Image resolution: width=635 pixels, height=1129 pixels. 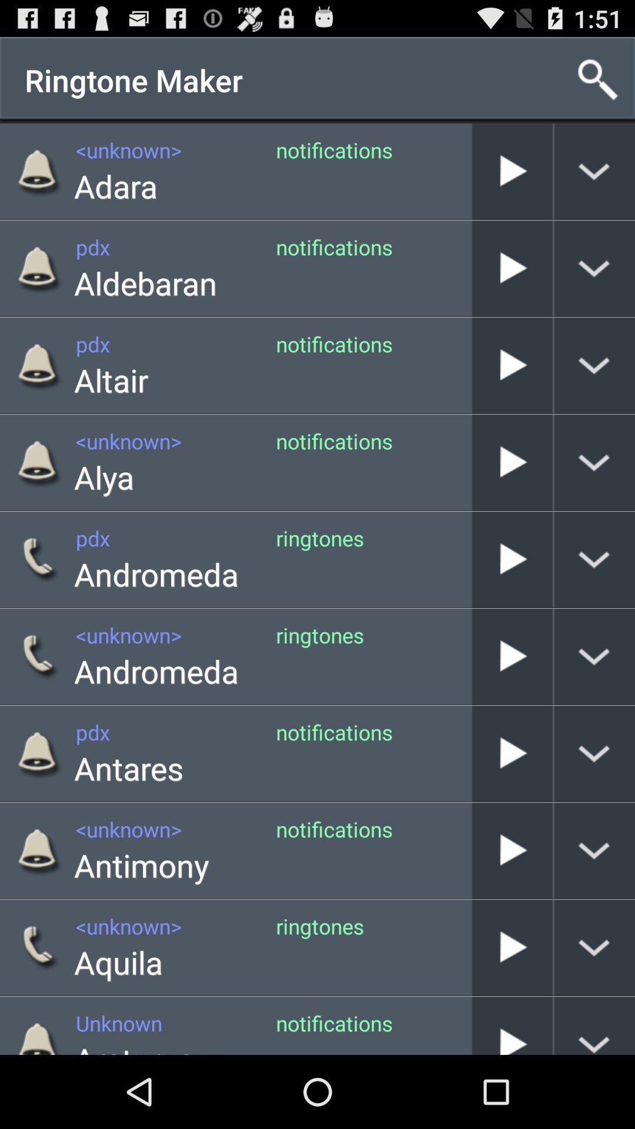 What do you see at coordinates (512, 365) in the screenshot?
I see `ringtone` at bounding box center [512, 365].